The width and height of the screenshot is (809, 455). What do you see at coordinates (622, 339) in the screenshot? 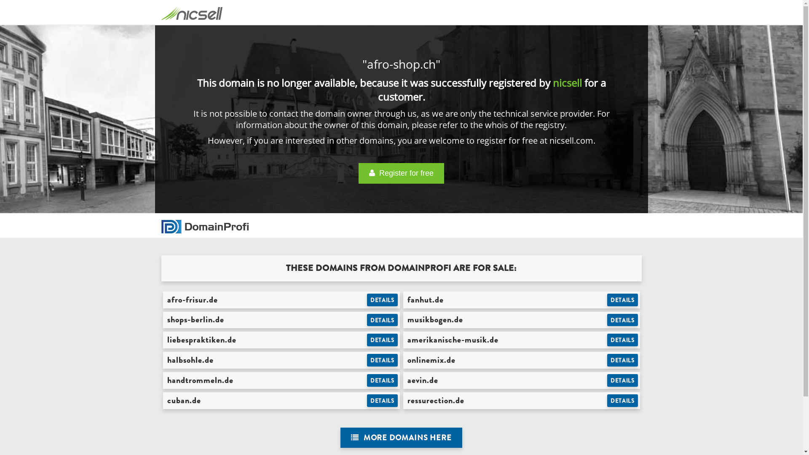
I see `'DETAILS'` at bounding box center [622, 339].